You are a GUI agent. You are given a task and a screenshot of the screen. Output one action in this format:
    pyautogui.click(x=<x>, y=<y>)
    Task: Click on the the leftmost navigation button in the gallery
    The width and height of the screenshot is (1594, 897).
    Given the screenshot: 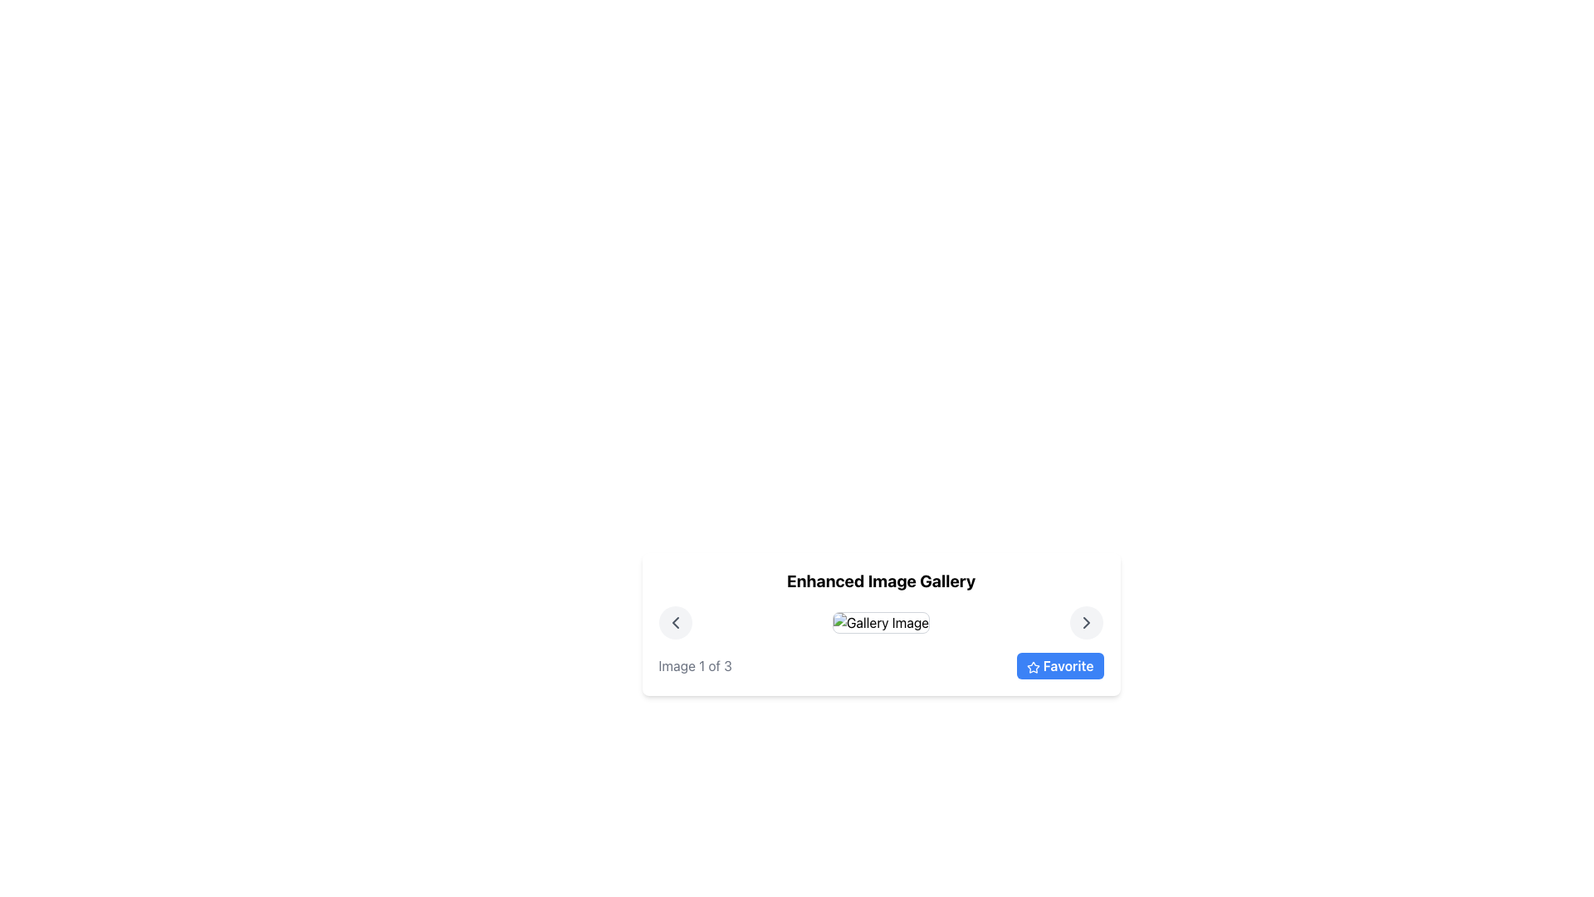 What is the action you would take?
    pyautogui.click(x=675, y=622)
    